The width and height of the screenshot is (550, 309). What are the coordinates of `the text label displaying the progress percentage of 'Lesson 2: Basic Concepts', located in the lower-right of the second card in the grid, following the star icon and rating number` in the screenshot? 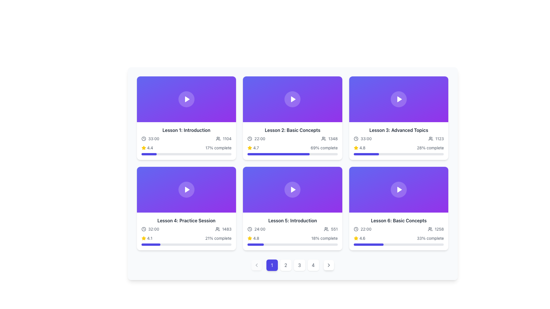 It's located at (324, 147).